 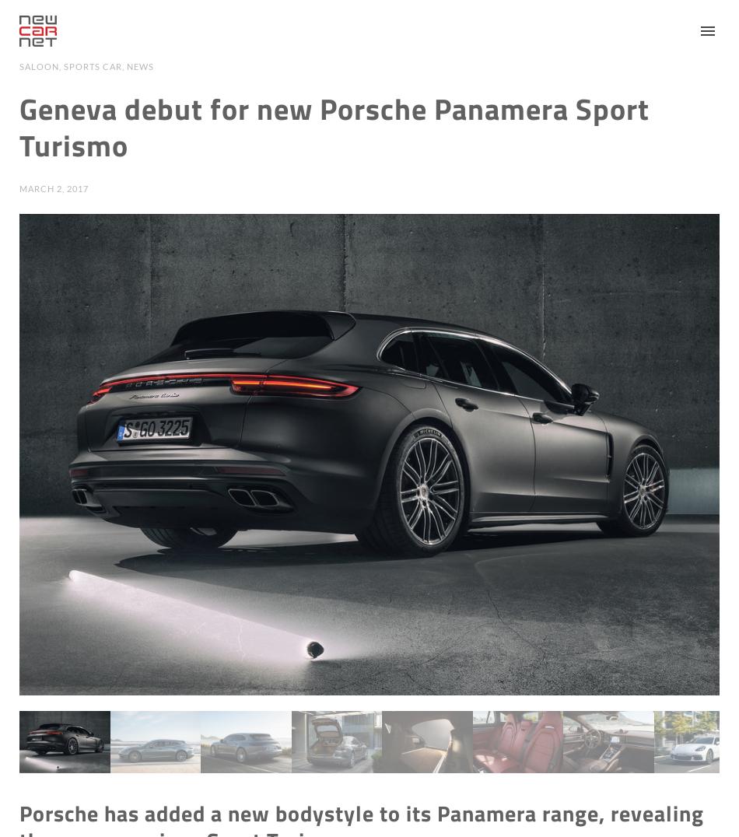 I want to click on 'Sports Car', so click(x=63, y=66).